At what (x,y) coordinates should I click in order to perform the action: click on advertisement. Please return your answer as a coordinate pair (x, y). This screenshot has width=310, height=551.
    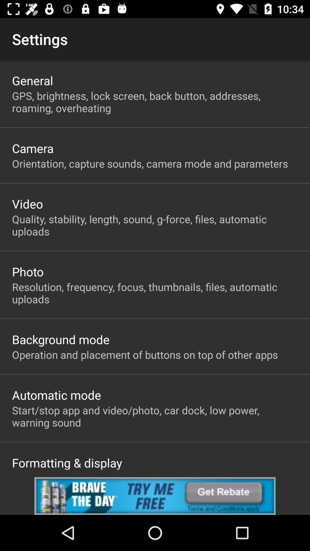
    Looking at the image, I should click on (155, 496).